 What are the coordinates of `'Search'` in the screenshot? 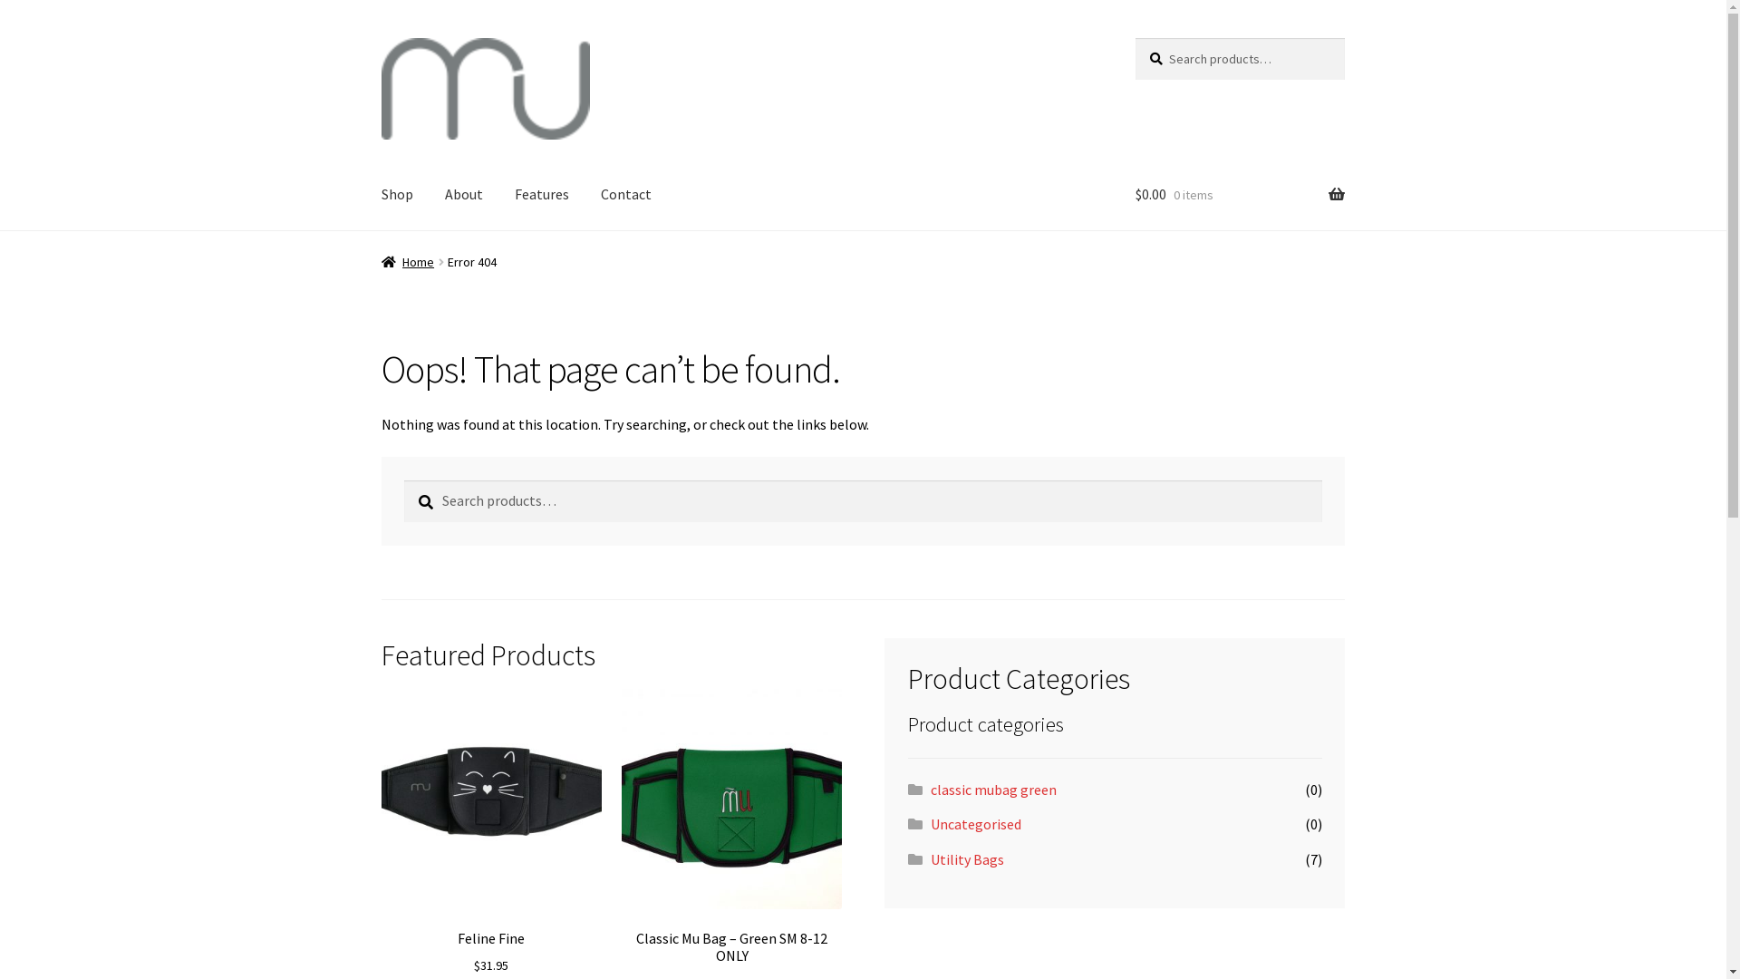 It's located at (402, 479).